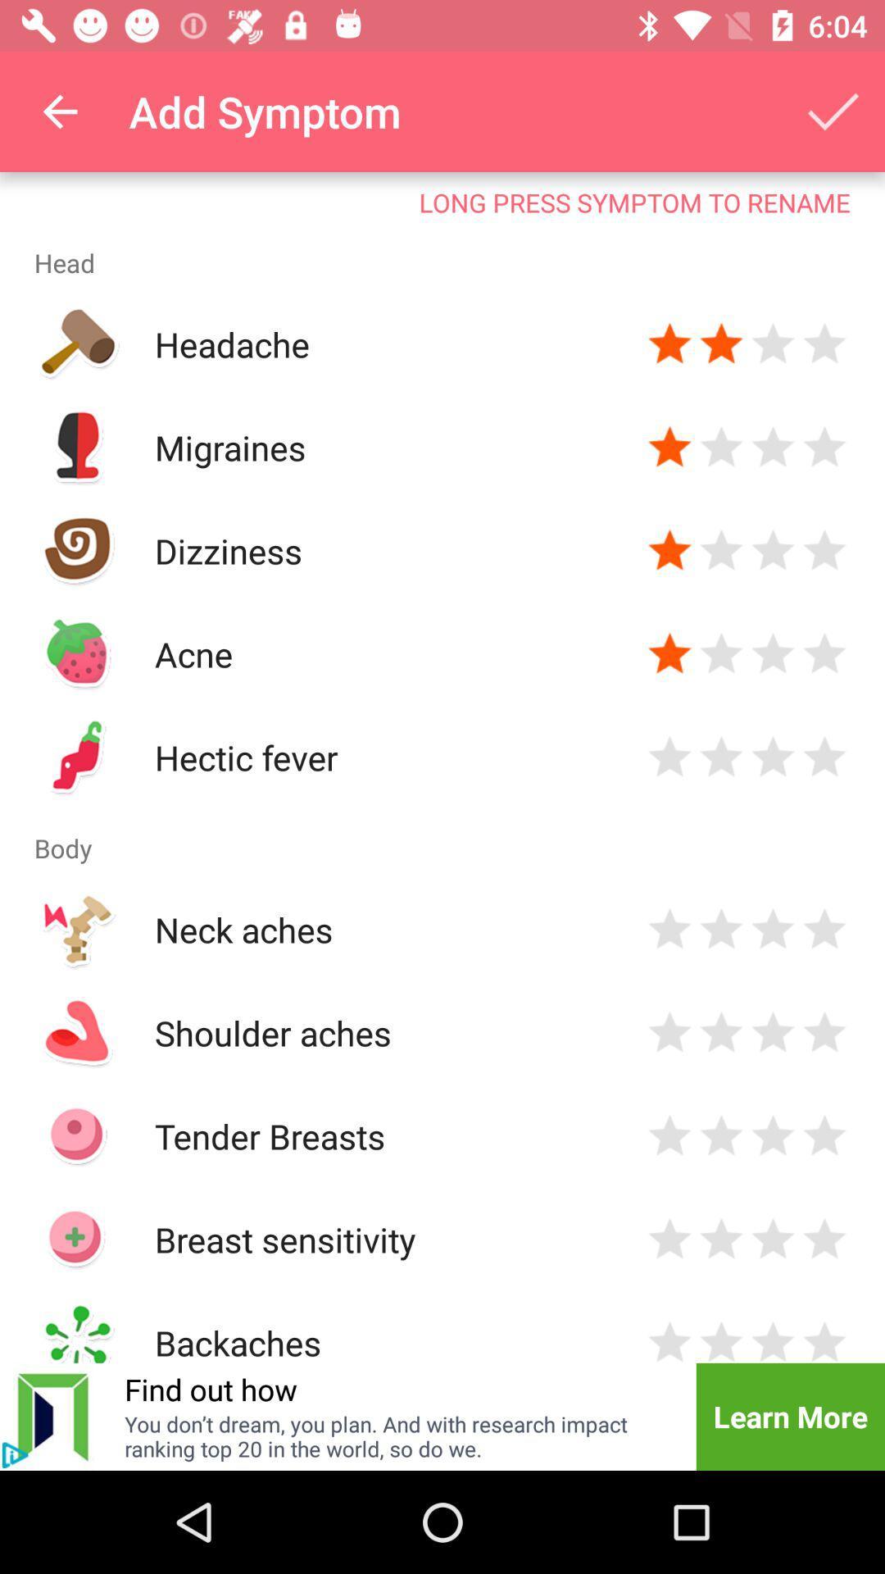  Describe the element at coordinates (720, 1340) in the screenshot. I see `indicate severity of symptom` at that location.